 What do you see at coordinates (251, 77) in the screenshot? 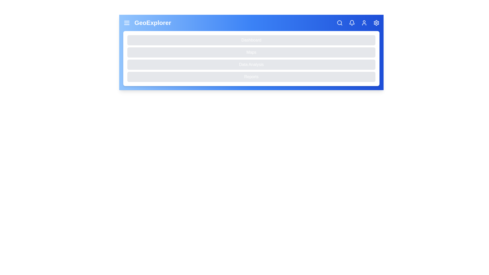
I see `the menu item labeled Reports to navigate to the corresponding section` at bounding box center [251, 77].